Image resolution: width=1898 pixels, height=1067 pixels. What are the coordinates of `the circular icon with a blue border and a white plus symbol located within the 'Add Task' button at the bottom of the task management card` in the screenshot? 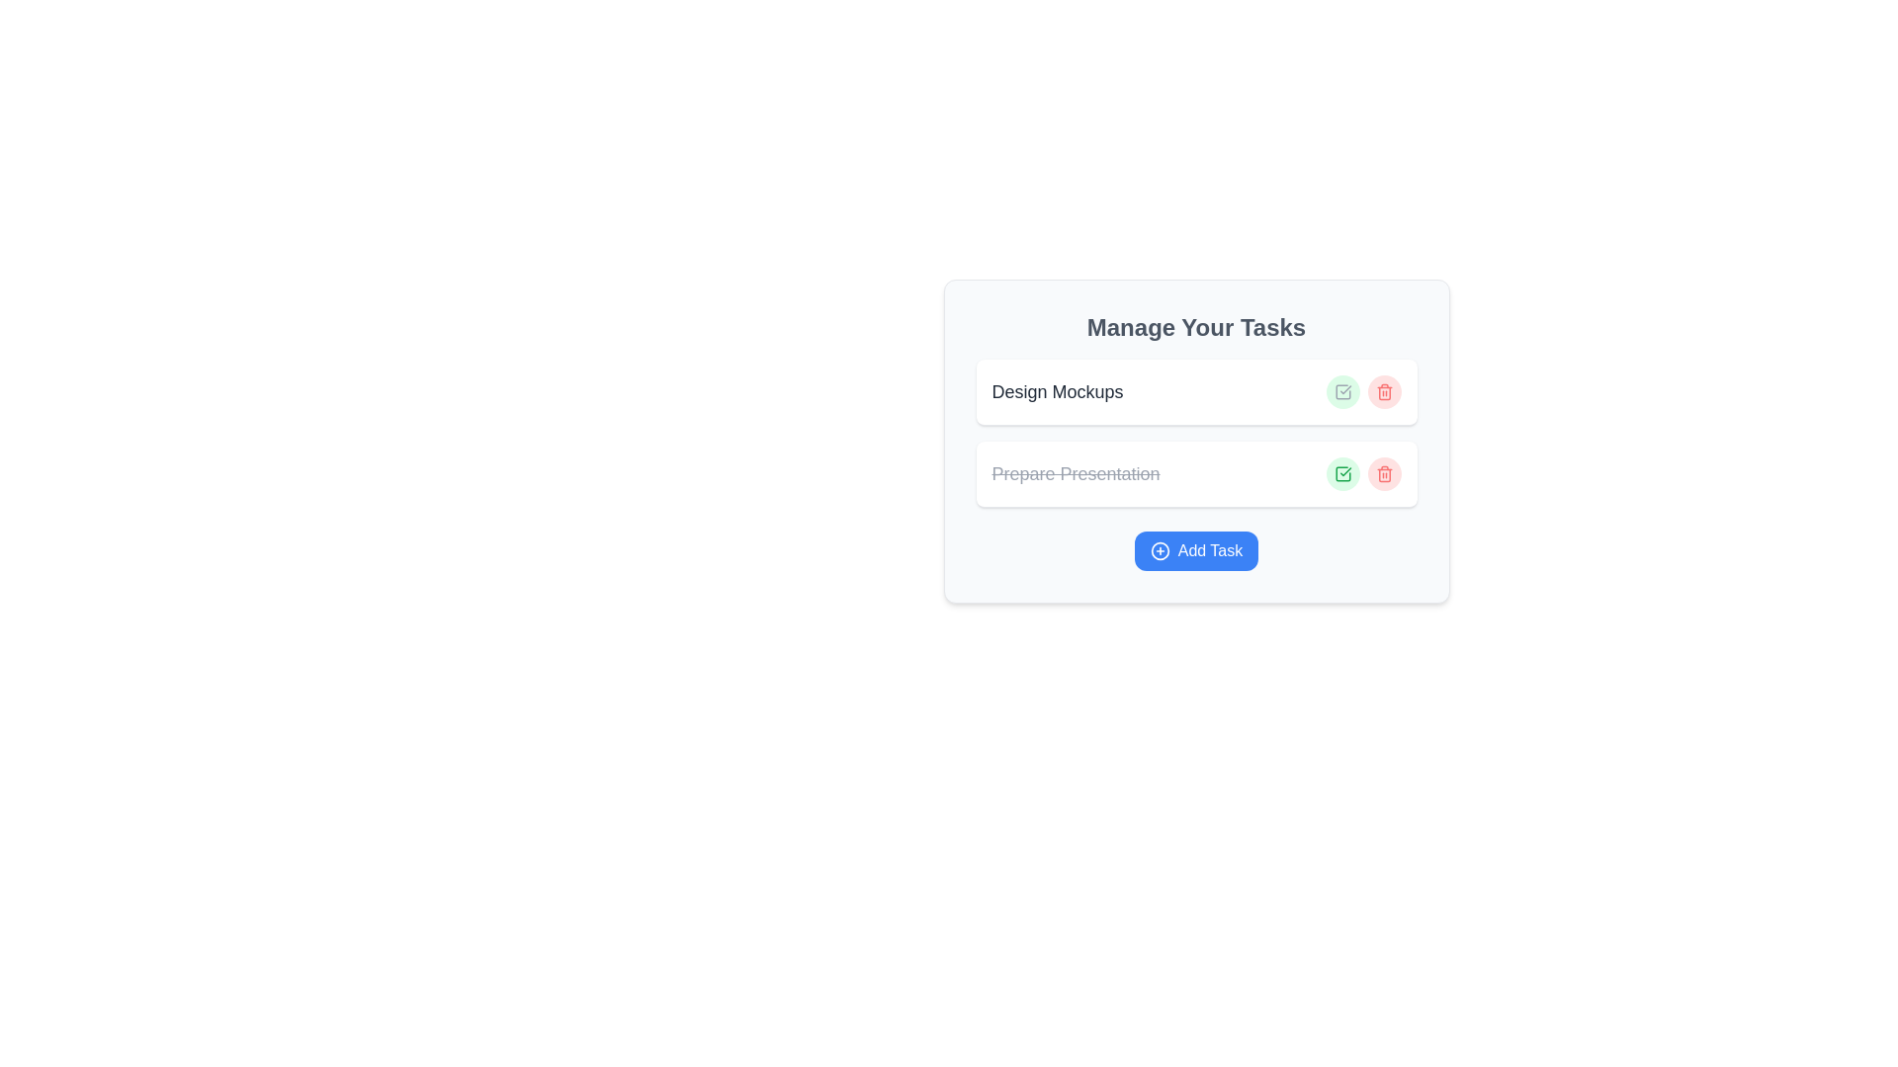 It's located at (1160, 551).